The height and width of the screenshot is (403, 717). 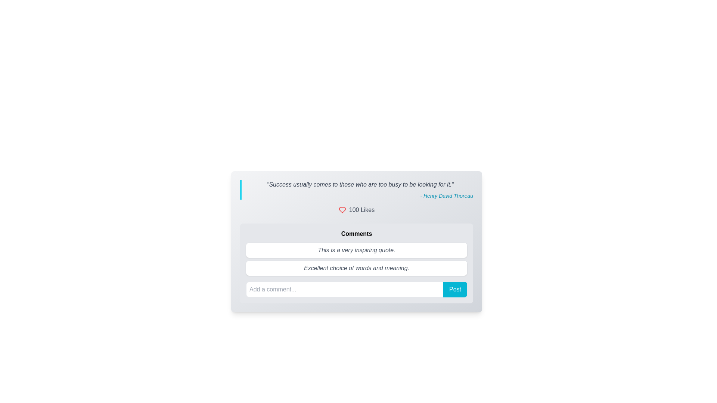 What do you see at coordinates (362, 210) in the screenshot?
I see `the text label displaying the number of likes for a post, located to the right of the heart icon and underneath the quote and author's name` at bounding box center [362, 210].